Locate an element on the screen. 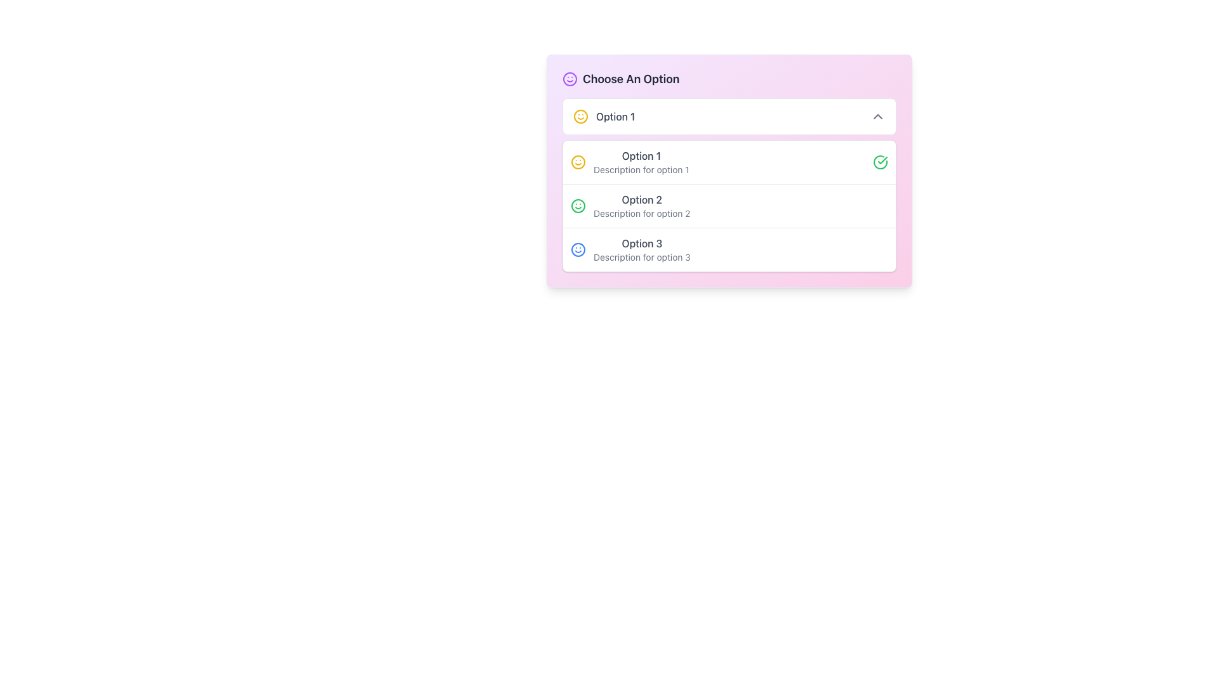  the smiley face icon in green theme located in the second row of the 'Choose An Option' list, preceding 'Option 2' is located at coordinates (578, 205).